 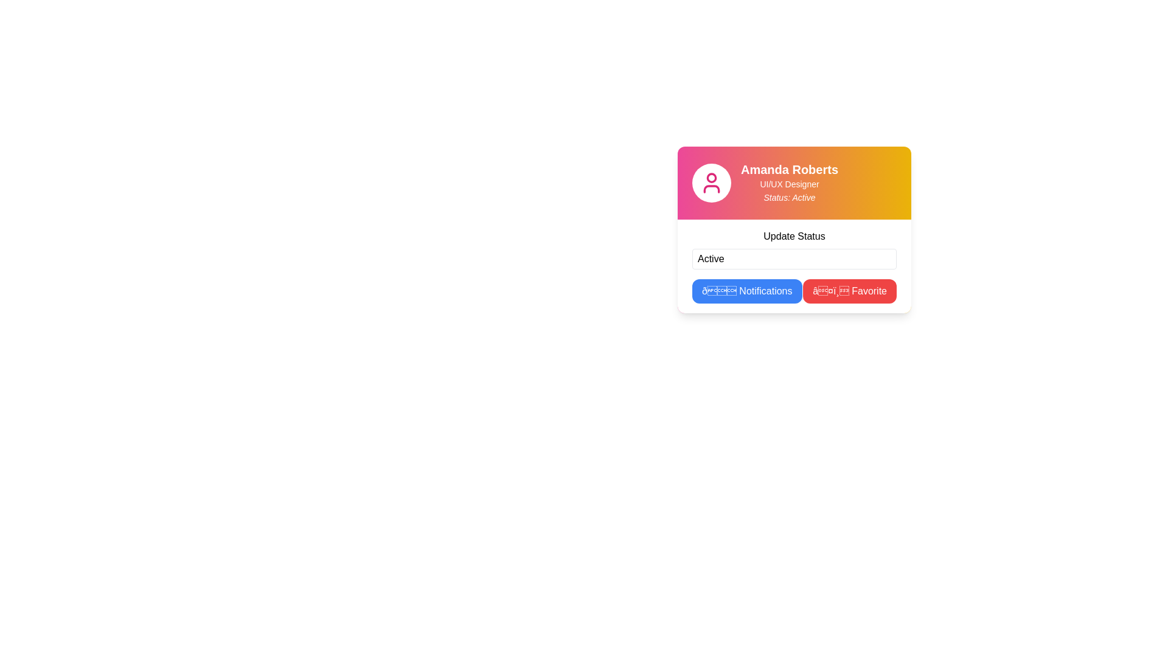 What do you see at coordinates (712, 182) in the screenshot?
I see `the user profile icon located in the top-left section of the card component, which is represented by a circular white background with pink text color` at bounding box center [712, 182].